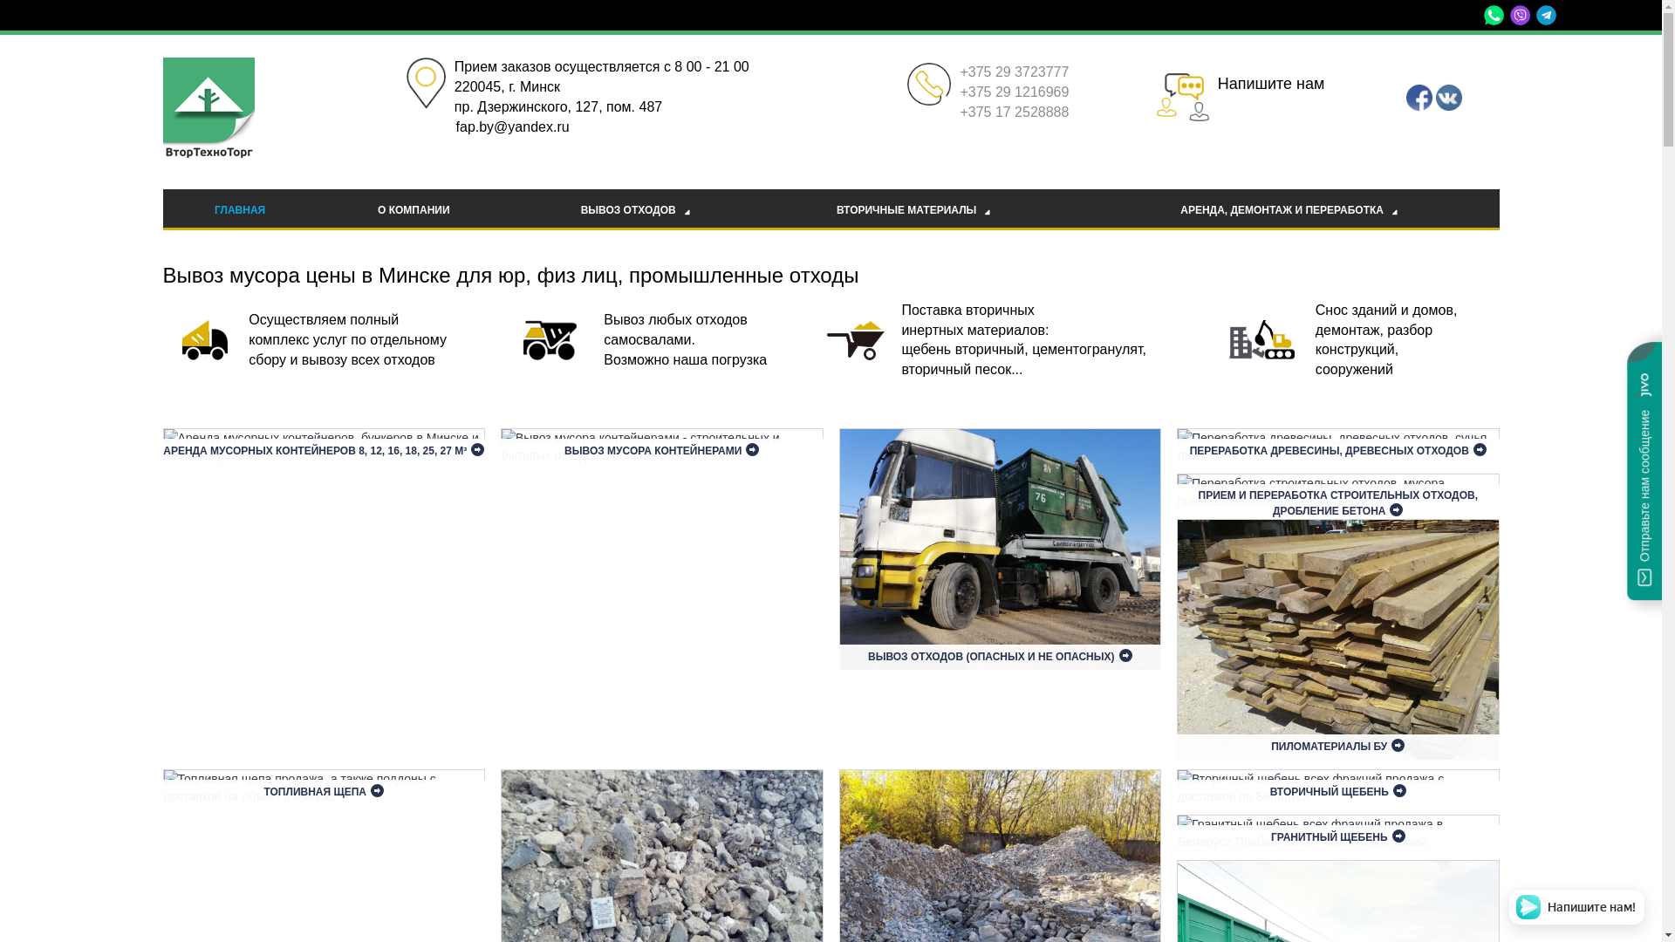  Describe the element at coordinates (1014, 92) in the screenshot. I see `'+375 29 1216969'` at that location.